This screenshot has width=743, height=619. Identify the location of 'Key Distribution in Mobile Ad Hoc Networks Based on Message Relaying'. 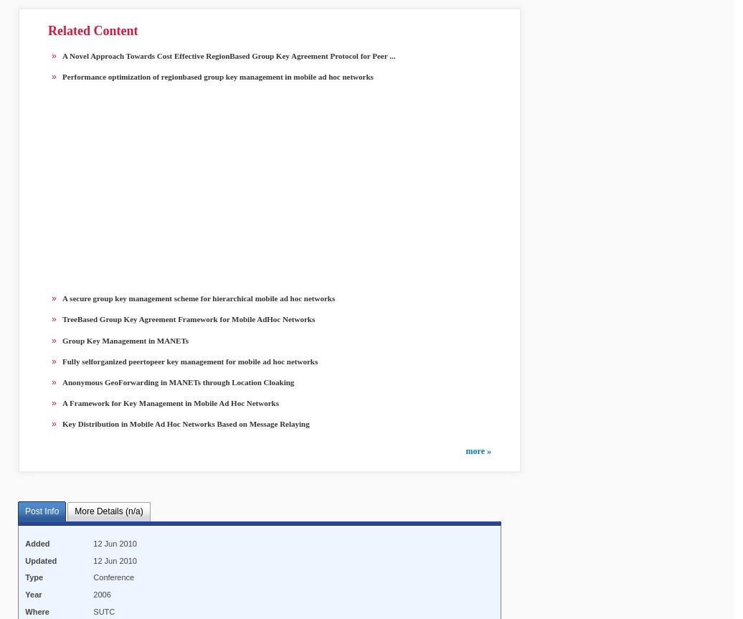
(186, 423).